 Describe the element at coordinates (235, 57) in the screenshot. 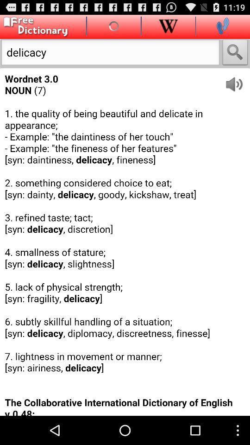

I see `the search icon` at that location.